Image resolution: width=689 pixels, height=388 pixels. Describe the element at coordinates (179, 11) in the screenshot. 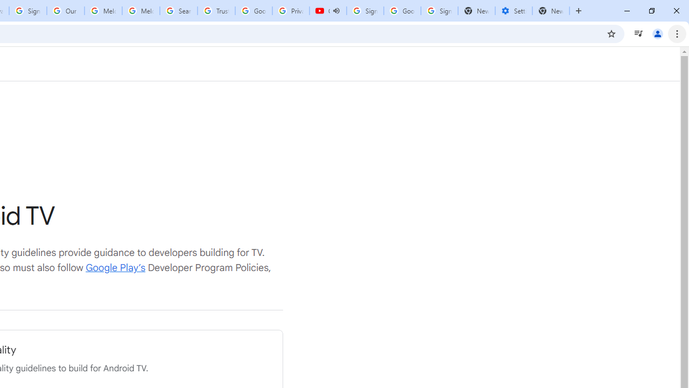

I see `'Search our Doodle Library Collection - Google Doodles'` at that location.